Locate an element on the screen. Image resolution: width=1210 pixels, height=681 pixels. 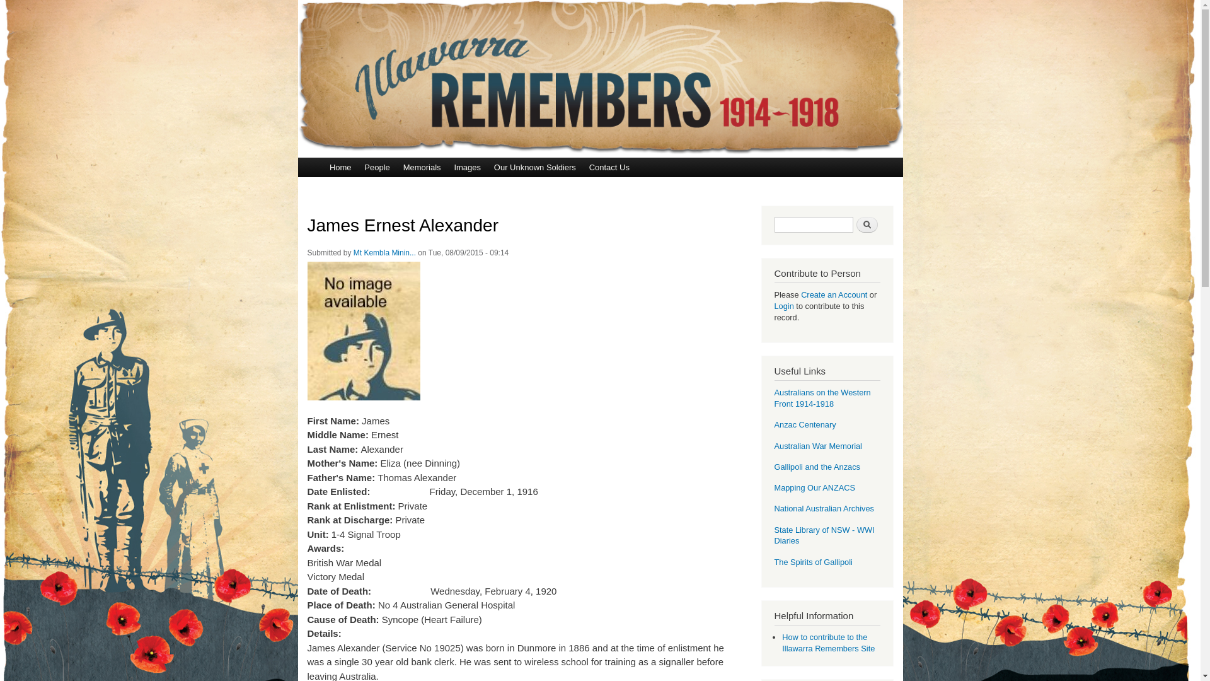
'Login ' is located at coordinates (784, 306).